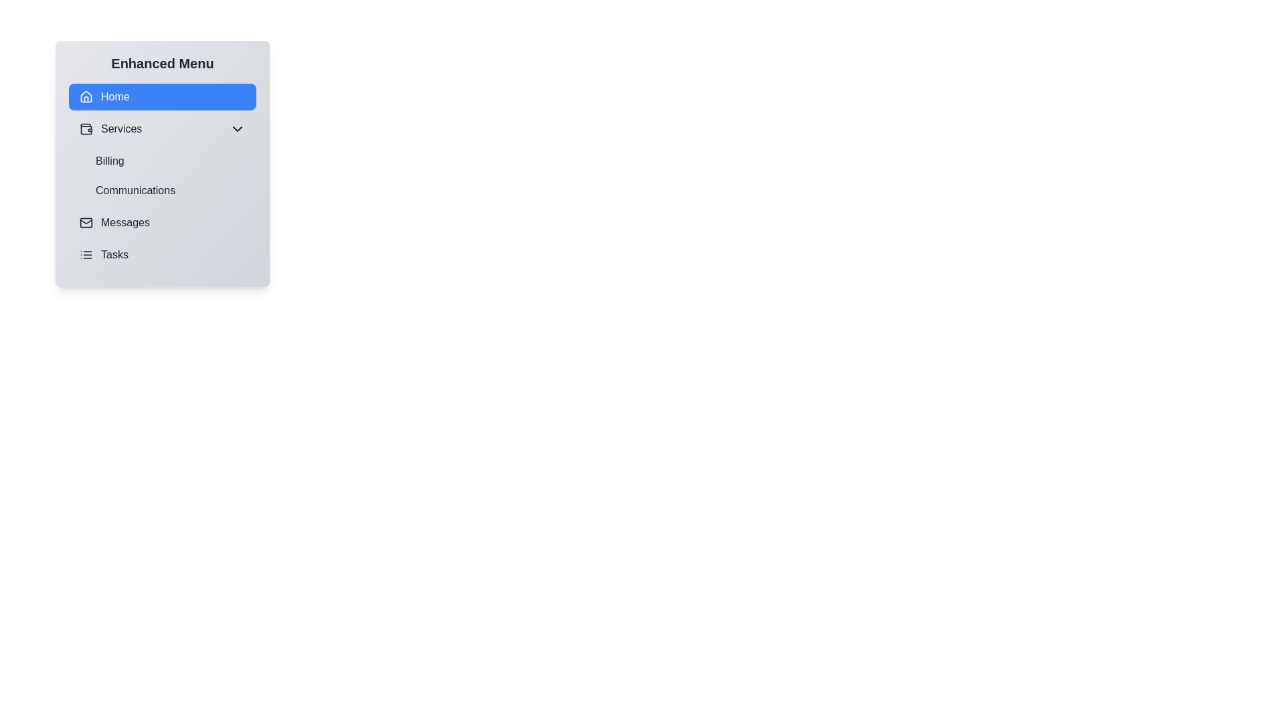  Describe the element at coordinates (86, 95) in the screenshot. I see `the 'Home' menu icon located near the top of the side menu, directly to the left of the text 'Home'` at that location.